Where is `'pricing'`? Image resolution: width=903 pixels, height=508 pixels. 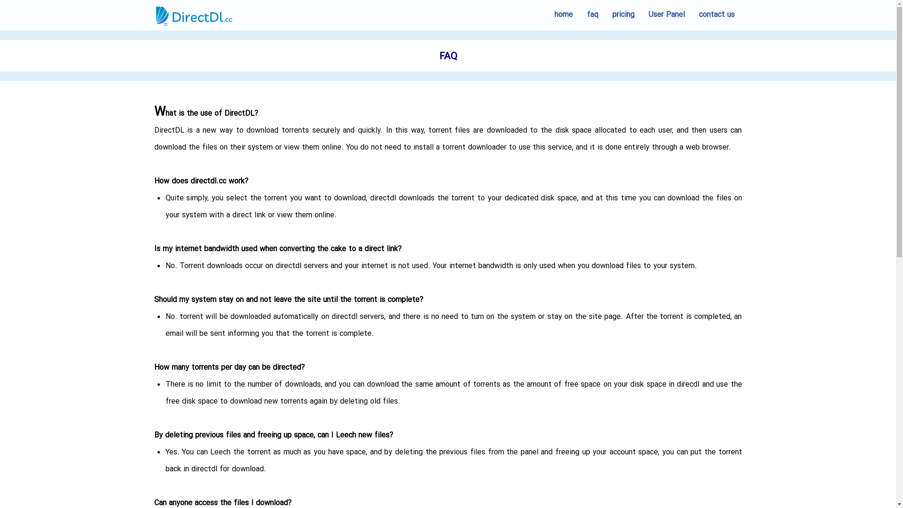 'pricing' is located at coordinates (623, 15).